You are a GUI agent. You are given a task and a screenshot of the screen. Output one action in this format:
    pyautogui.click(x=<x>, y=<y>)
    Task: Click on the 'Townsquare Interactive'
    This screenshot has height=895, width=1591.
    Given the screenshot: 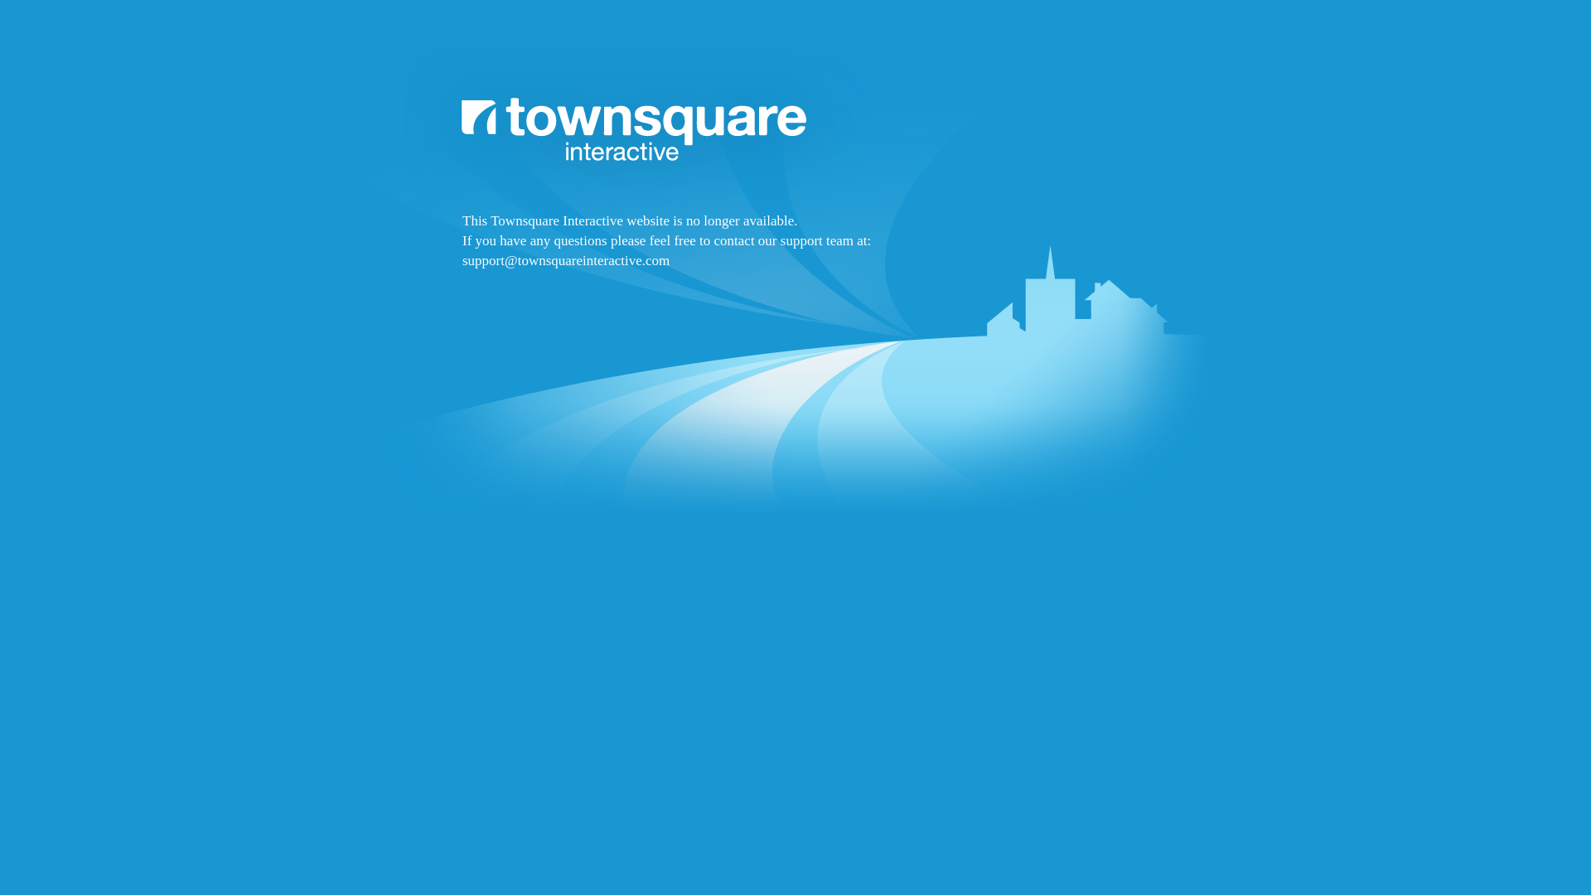 What is the action you would take?
    pyautogui.click(x=795, y=325)
    